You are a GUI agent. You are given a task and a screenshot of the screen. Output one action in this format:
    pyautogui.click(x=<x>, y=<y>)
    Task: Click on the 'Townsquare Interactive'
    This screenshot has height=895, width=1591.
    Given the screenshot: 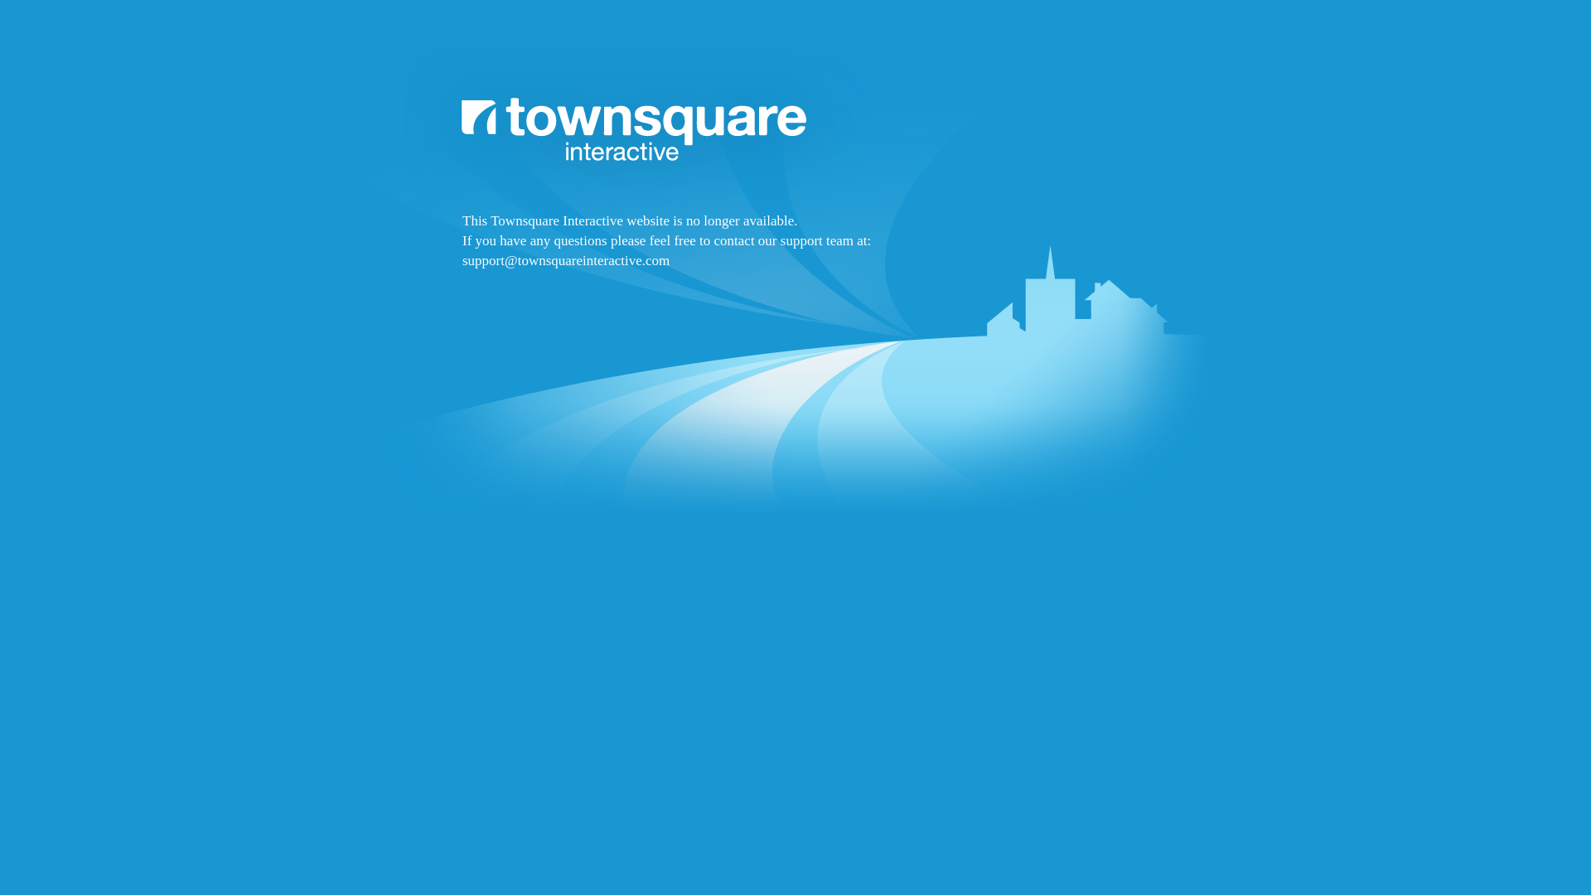 What is the action you would take?
    pyautogui.click(x=795, y=325)
    